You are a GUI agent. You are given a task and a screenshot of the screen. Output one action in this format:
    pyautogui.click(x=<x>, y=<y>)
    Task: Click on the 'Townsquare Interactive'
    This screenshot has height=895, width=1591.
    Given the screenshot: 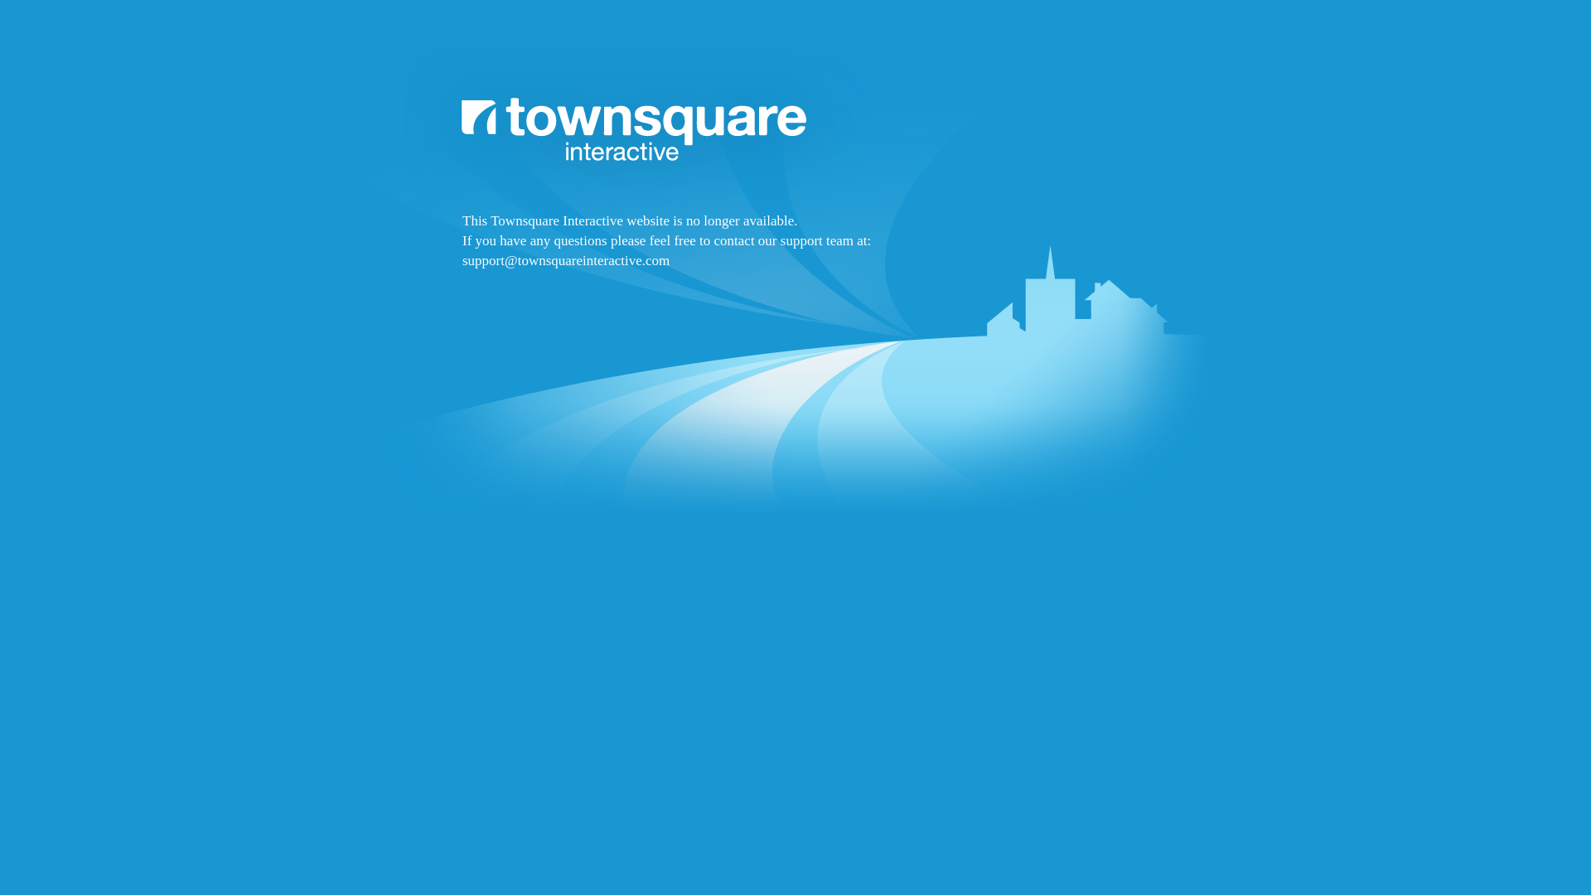 What is the action you would take?
    pyautogui.click(x=795, y=325)
    